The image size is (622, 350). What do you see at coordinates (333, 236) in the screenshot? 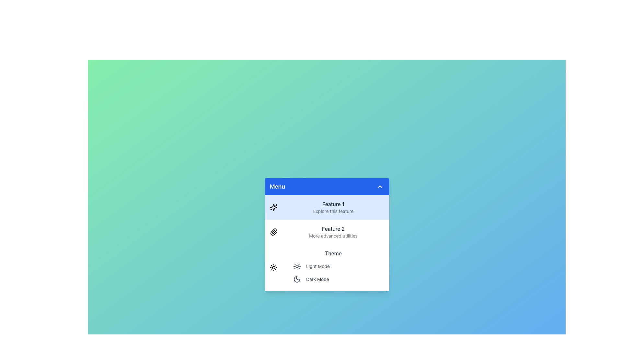
I see `the Text Label positioned below 'Feature 2' in the dropdown menu layout, which serves as descriptive text for the main feature` at bounding box center [333, 236].